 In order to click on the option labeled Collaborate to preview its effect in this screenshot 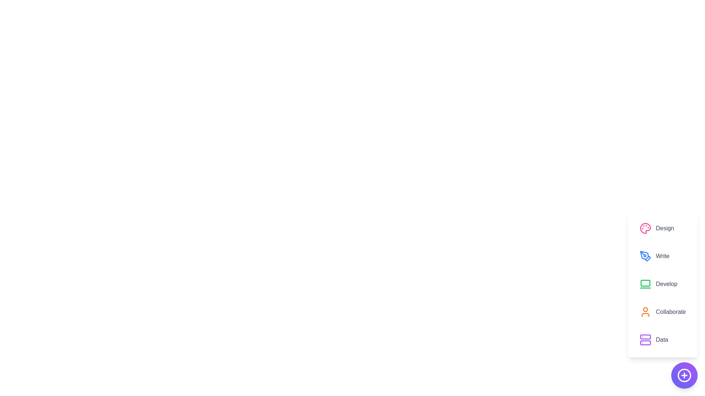, I will do `click(662, 312)`.